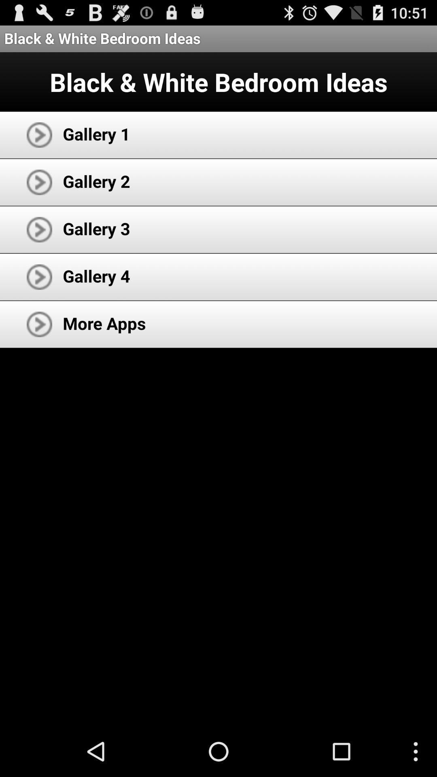  Describe the element at coordinates (96, 276) in the screenshot. I see `gallery 4 item` at that location.